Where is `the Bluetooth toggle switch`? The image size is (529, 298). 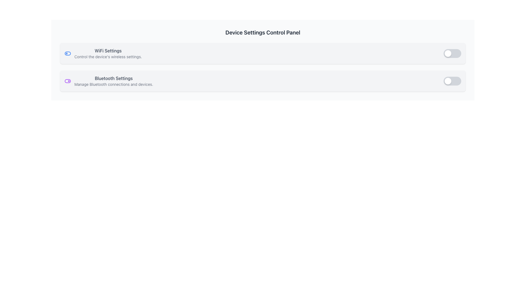 the Bluetooth toggle switch is located at coordinates (67, 81).